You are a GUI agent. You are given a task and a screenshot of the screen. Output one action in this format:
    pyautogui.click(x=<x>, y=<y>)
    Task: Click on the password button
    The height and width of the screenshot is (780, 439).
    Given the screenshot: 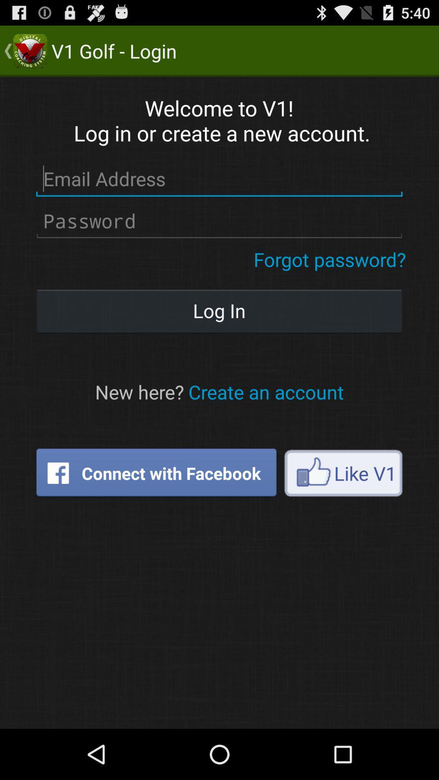 What is the action you would take?
    pyautogui.click(x=219, y=221)
    